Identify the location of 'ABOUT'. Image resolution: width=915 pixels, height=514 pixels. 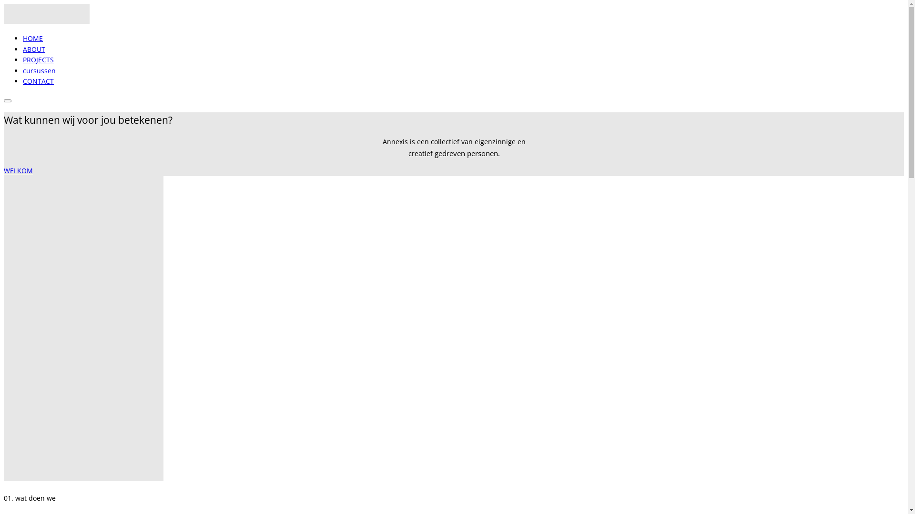
(34, 49).